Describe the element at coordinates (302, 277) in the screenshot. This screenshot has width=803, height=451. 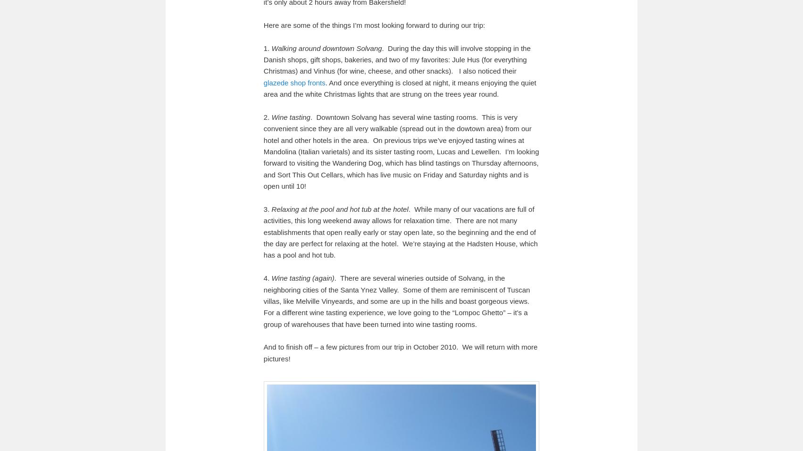
I see `'Wine tasting (again)'` at that location.